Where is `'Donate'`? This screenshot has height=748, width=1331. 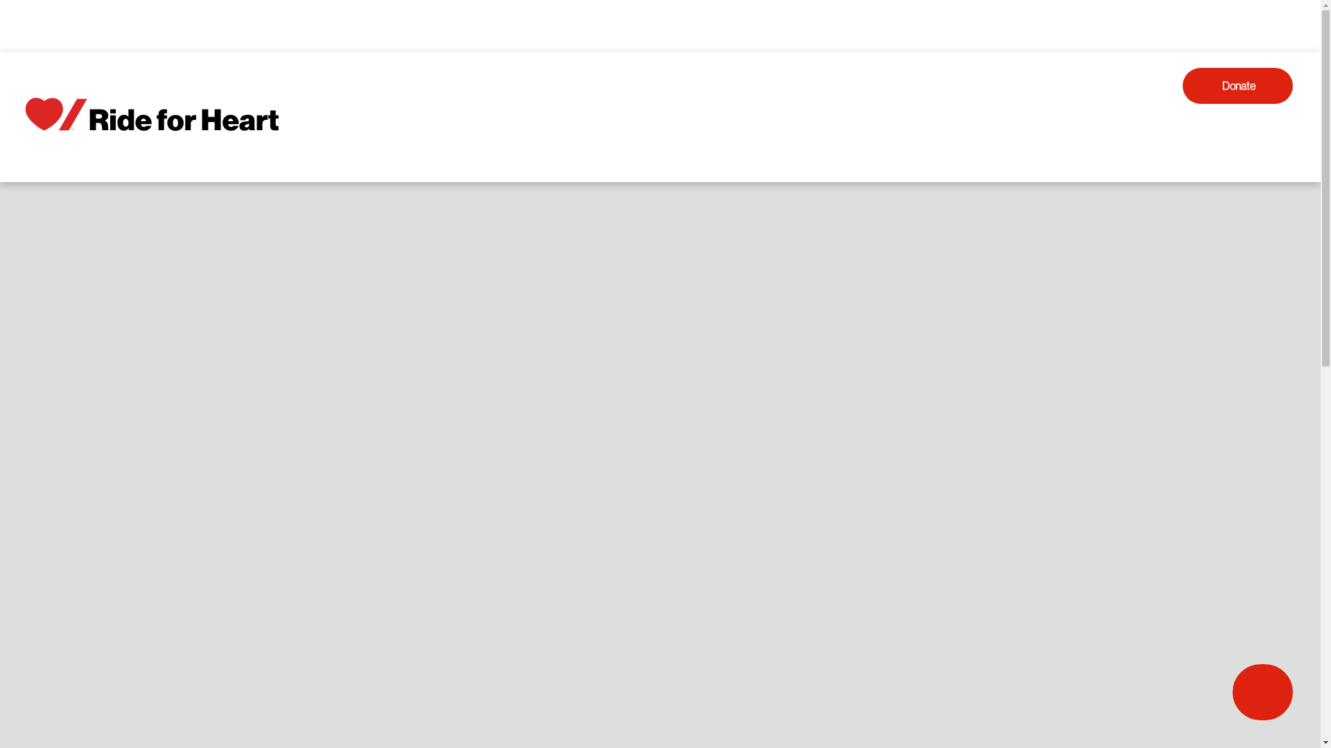 'Donate' is located at coordinates (1237, 85).